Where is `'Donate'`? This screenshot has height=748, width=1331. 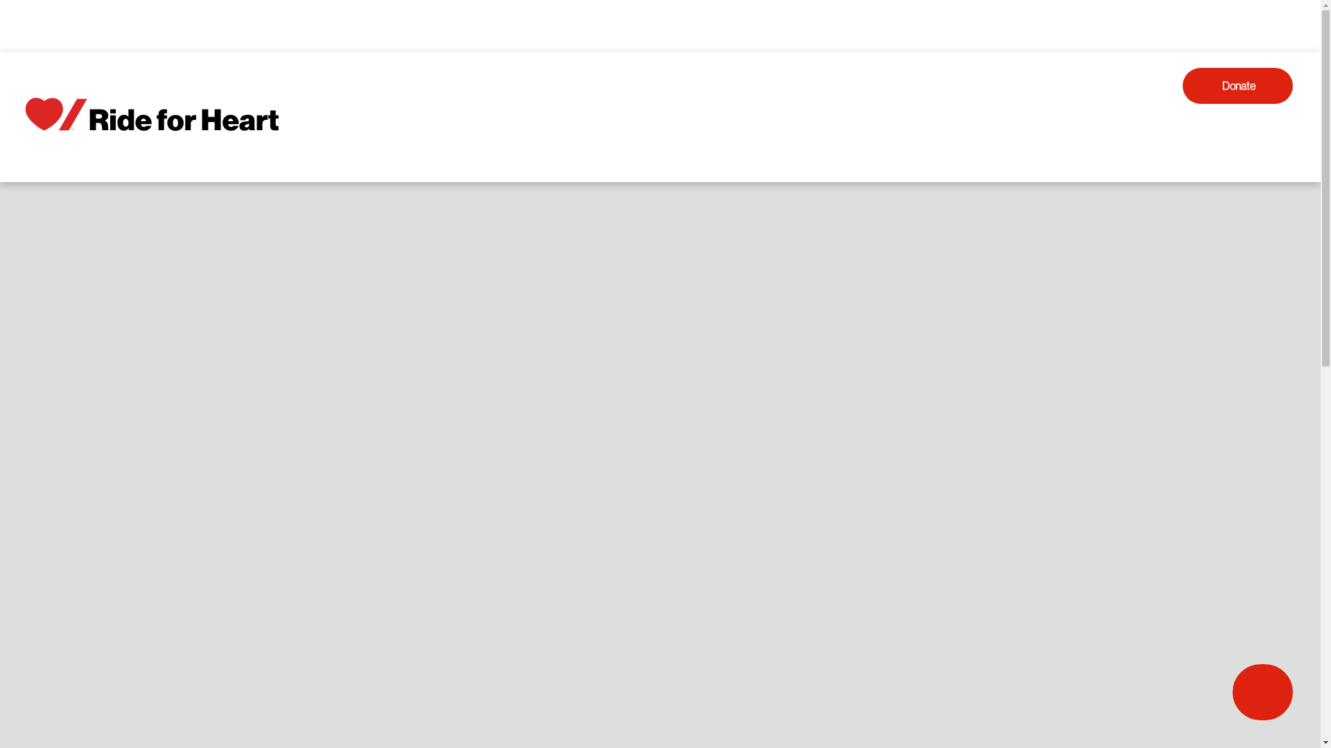 'Donate' is located at coordinates (1237, 85).